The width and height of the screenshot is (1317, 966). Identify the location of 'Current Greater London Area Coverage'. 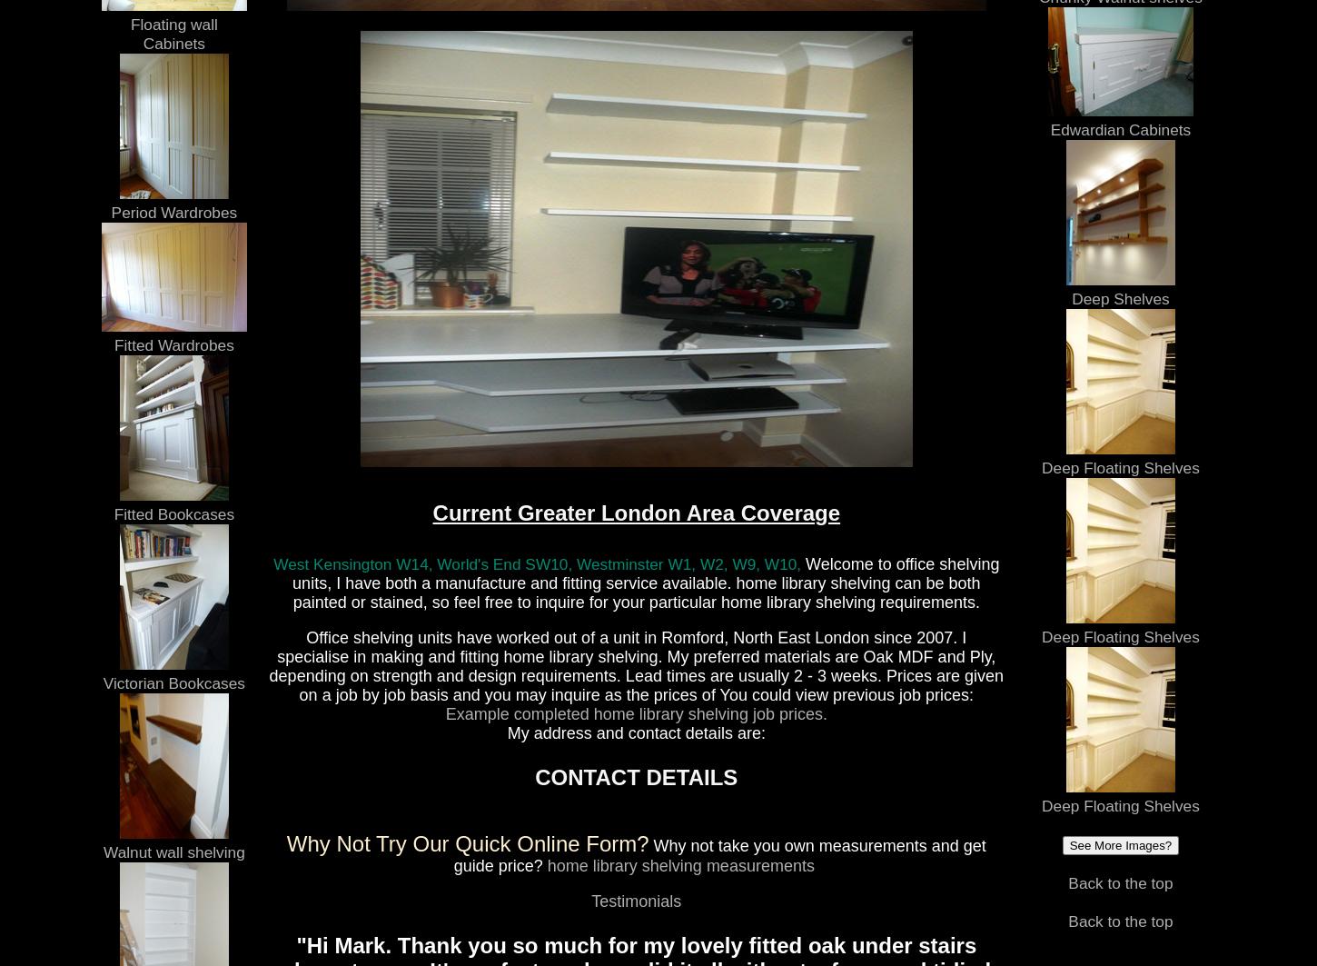
(635, 512).